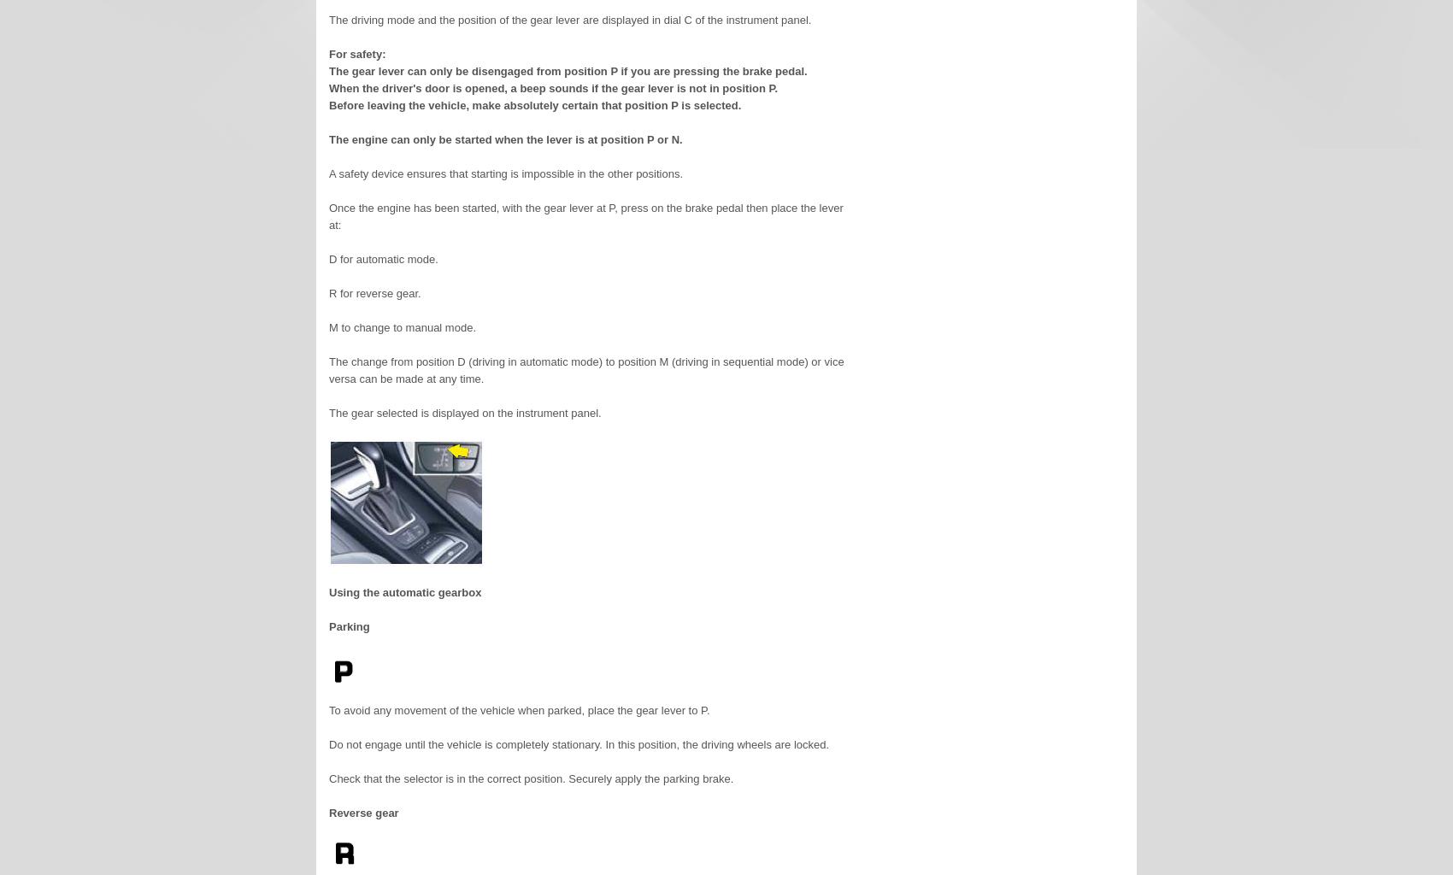  I want to click on 'The gear lever can only be disengaged from position P if you are pressing the brake 
pedal.', so click(568, 70).